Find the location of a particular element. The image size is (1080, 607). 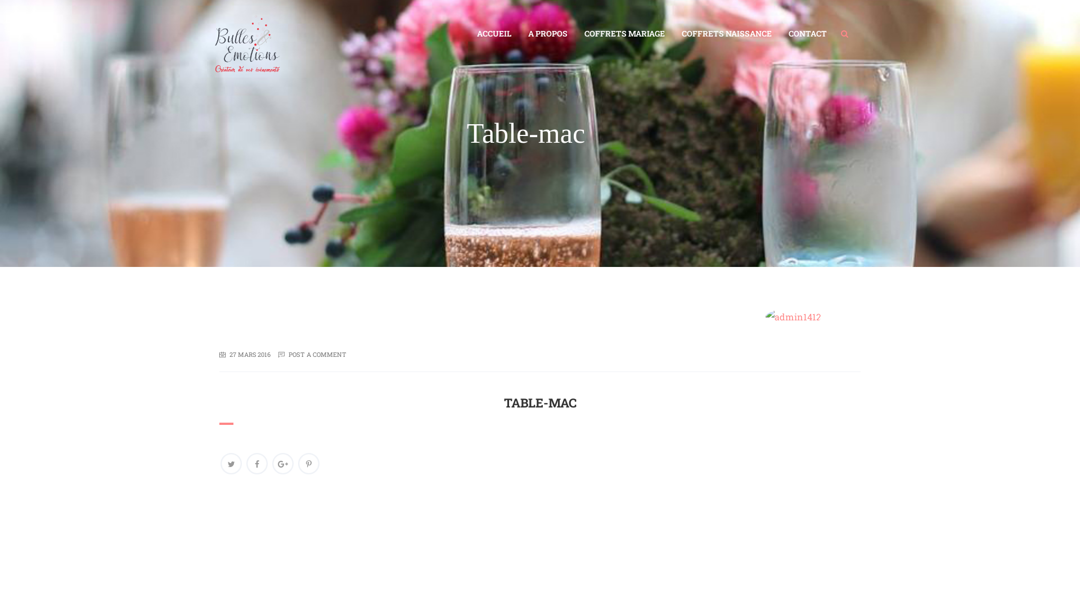

'COFFRETS MARIAGE' is located at coordinates (575, 33).